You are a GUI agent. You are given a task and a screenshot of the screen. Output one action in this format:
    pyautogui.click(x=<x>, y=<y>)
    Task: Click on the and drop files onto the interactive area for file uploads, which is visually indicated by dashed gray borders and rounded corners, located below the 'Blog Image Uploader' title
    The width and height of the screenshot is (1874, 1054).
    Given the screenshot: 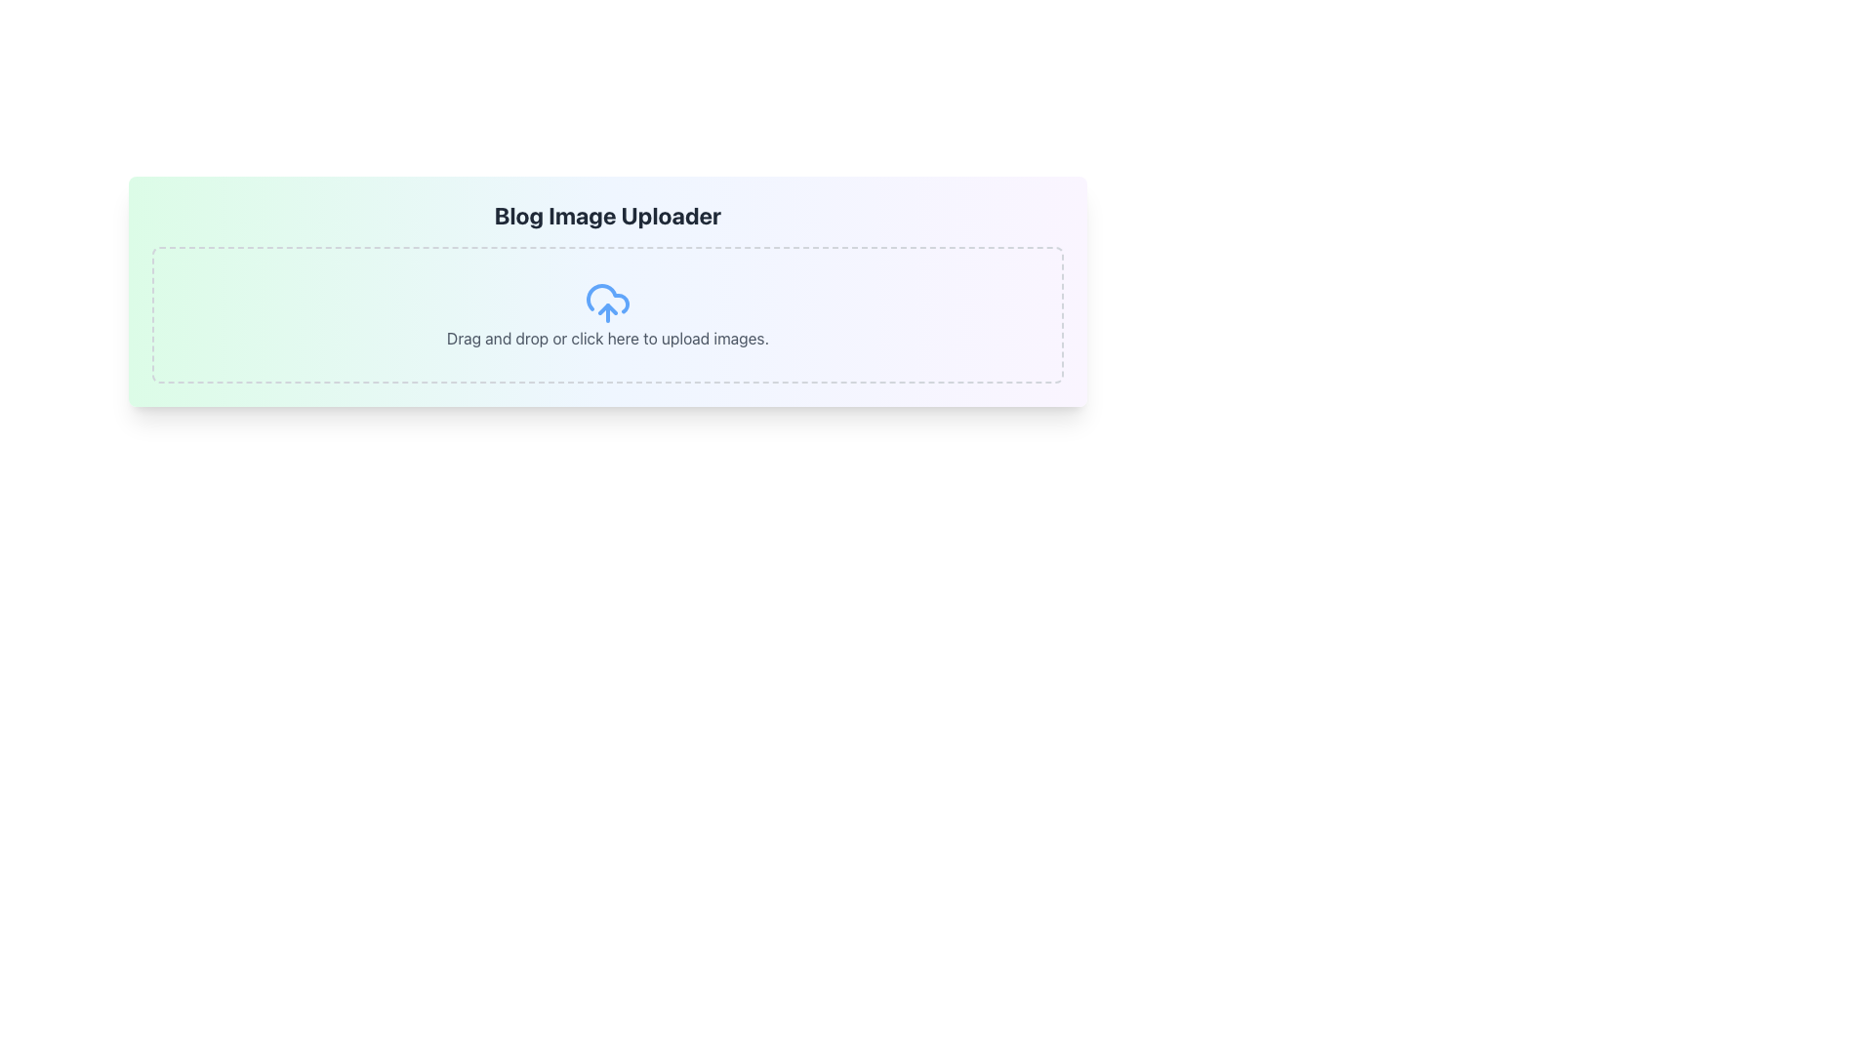 What is the action you would take?
    pyautogui.click(x=607, y=314)
    